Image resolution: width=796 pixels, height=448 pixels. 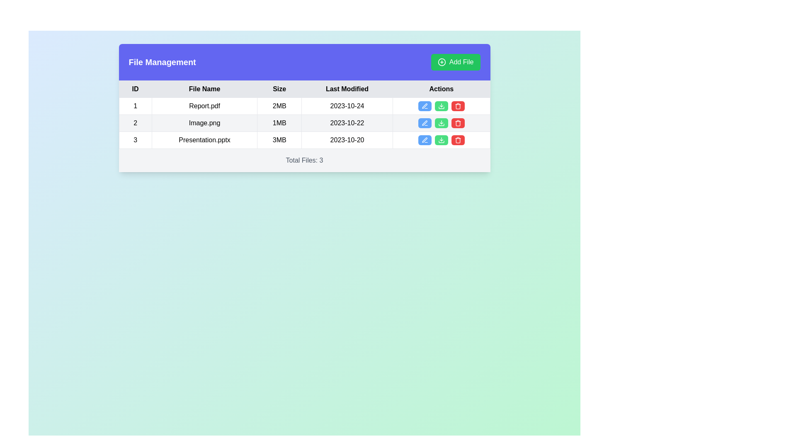 What do you see at coordinates (304, 160) in the screenshot?
I see `the static text label that provides a summary count of the total number of files listed in the table, located at the bottom of the table layout` at bounding box center [304, 160].